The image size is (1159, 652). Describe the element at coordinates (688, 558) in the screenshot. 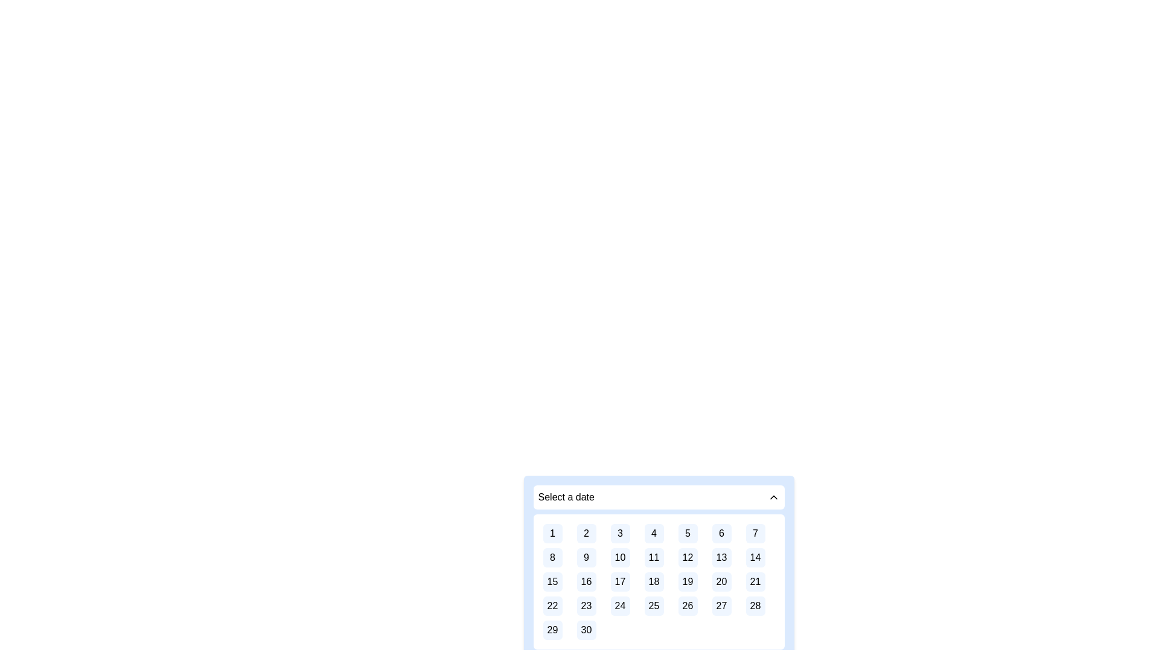

I see `the small, circular light blue button with the number '12' in black text, located in the second row and fifth column of the calendar grid under the 'Select a date' header` at that location.